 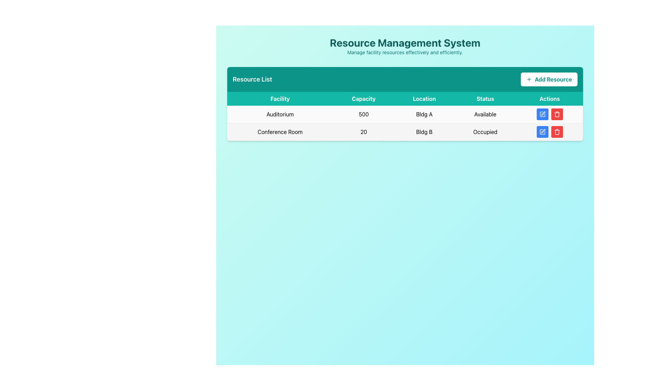 What do you see at coordinates (363, 132) in the screenshot?
I see `capacity value from the table cell located in the second row under the 'Capacity' column, between 'Conference Room' and 'Bldg B'` at bounding box center [363, 132].